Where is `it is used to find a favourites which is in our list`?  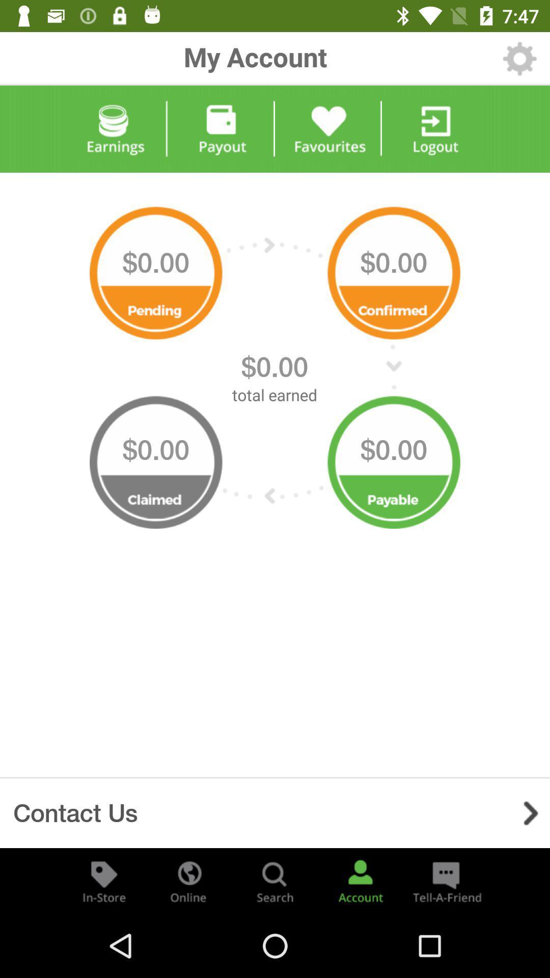
it is used to find a favourites which is in our list is located at coordinates (328, 128).